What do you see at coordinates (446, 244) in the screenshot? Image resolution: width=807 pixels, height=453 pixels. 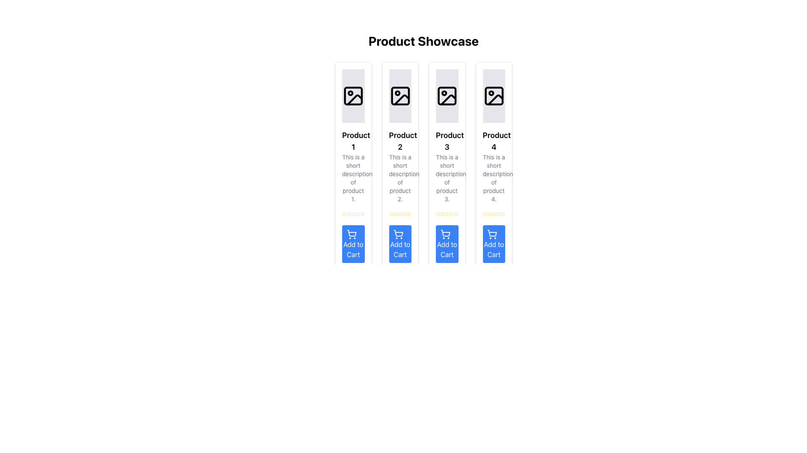 I see `the 'Add to Cart' button with a blue background and a shopping cart icon, located below the description of 'Product 3'` at bounding box center [446, 244].